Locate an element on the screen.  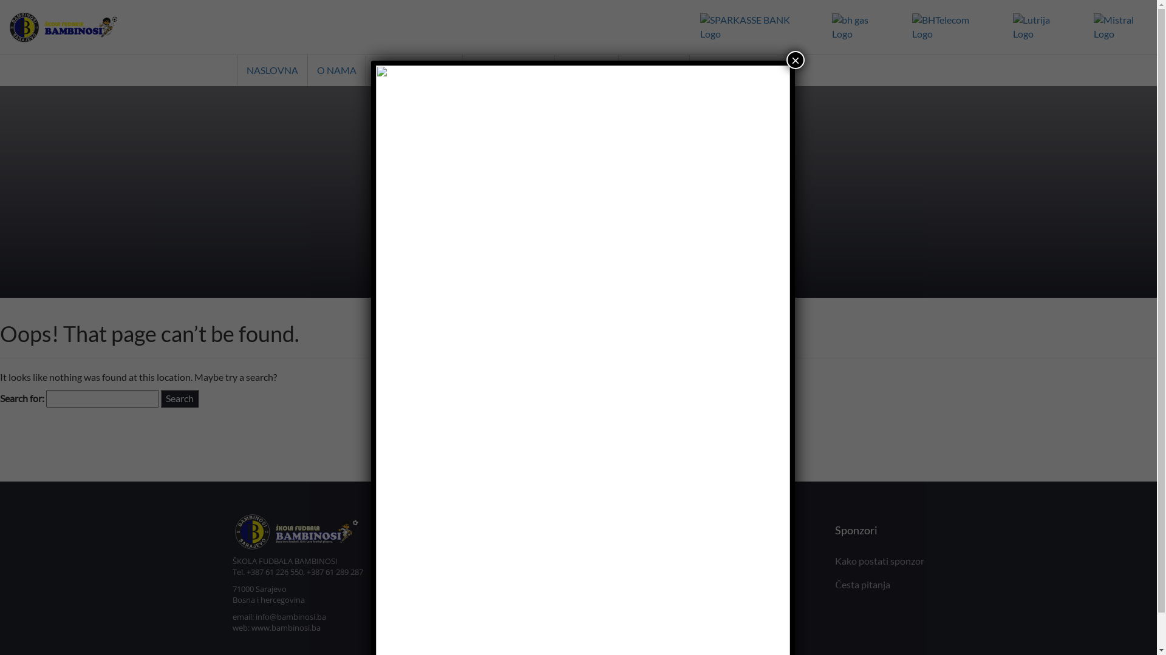
'Rasporedi treninga' is located at coordinates (532, 583).